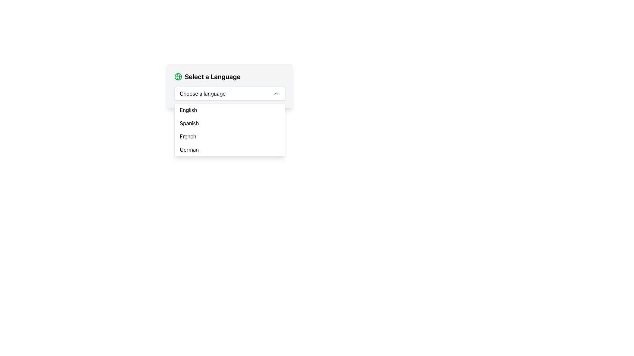 The width and height of the screenshot is (634, 356). What do you see at coordinates (229, 123) in the screenshot?
I see `the second option in the dropdown menu labeled 'Select a Language' to set the language to Spanish` at bounding box center [229, 123].